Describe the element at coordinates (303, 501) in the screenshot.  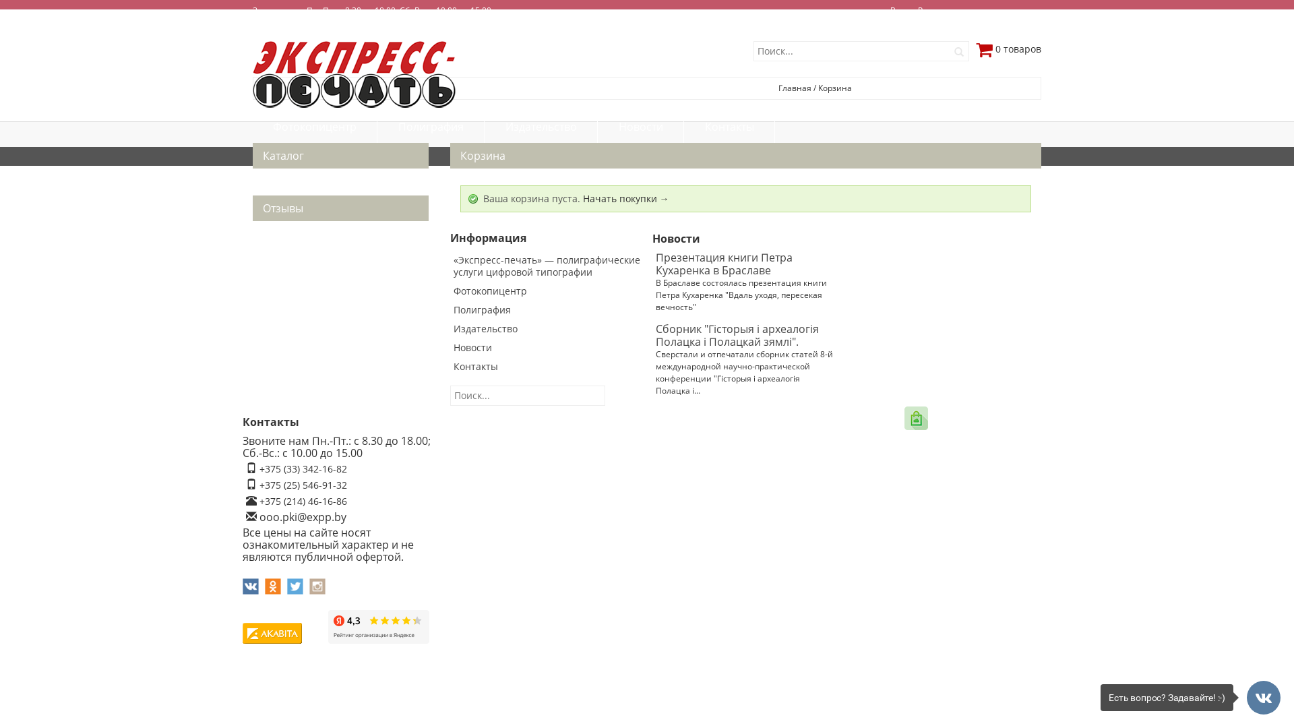
I see `'+375 (214) 46-16-86'` at that location.